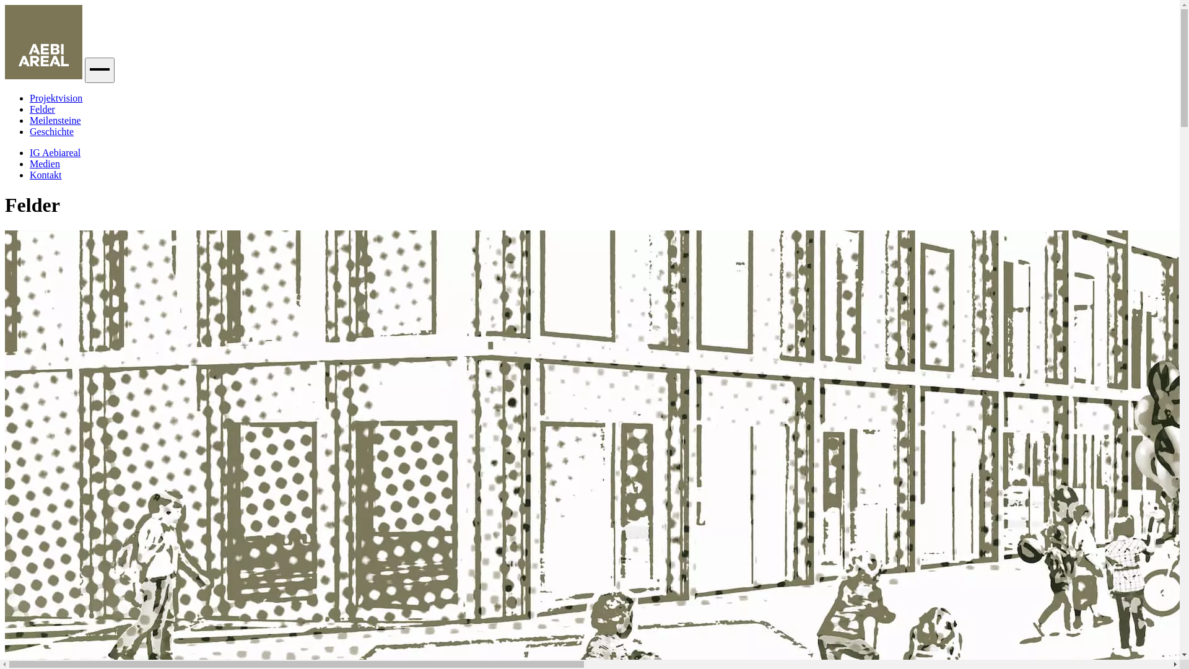  Describe the element at coordinates (55, 97) in the screenshot. I see `'Projektvision'` at that location.